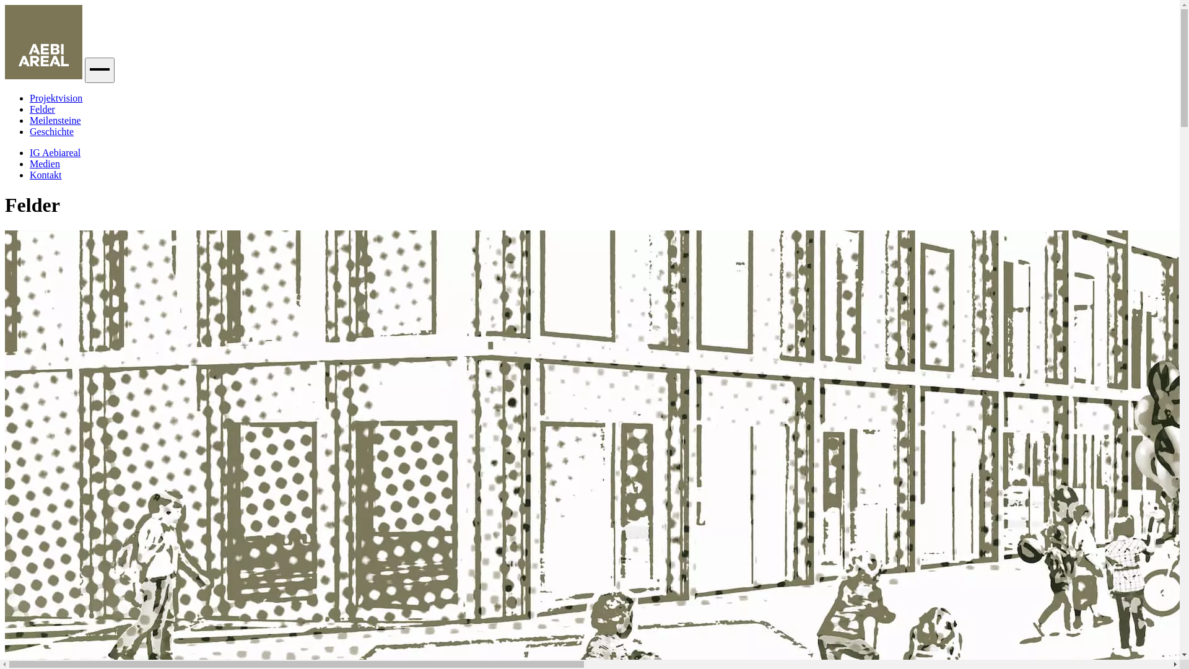  Describe the element at coordinates (55, 97) in the screenshot. I see `'Projektvision'` at that location.